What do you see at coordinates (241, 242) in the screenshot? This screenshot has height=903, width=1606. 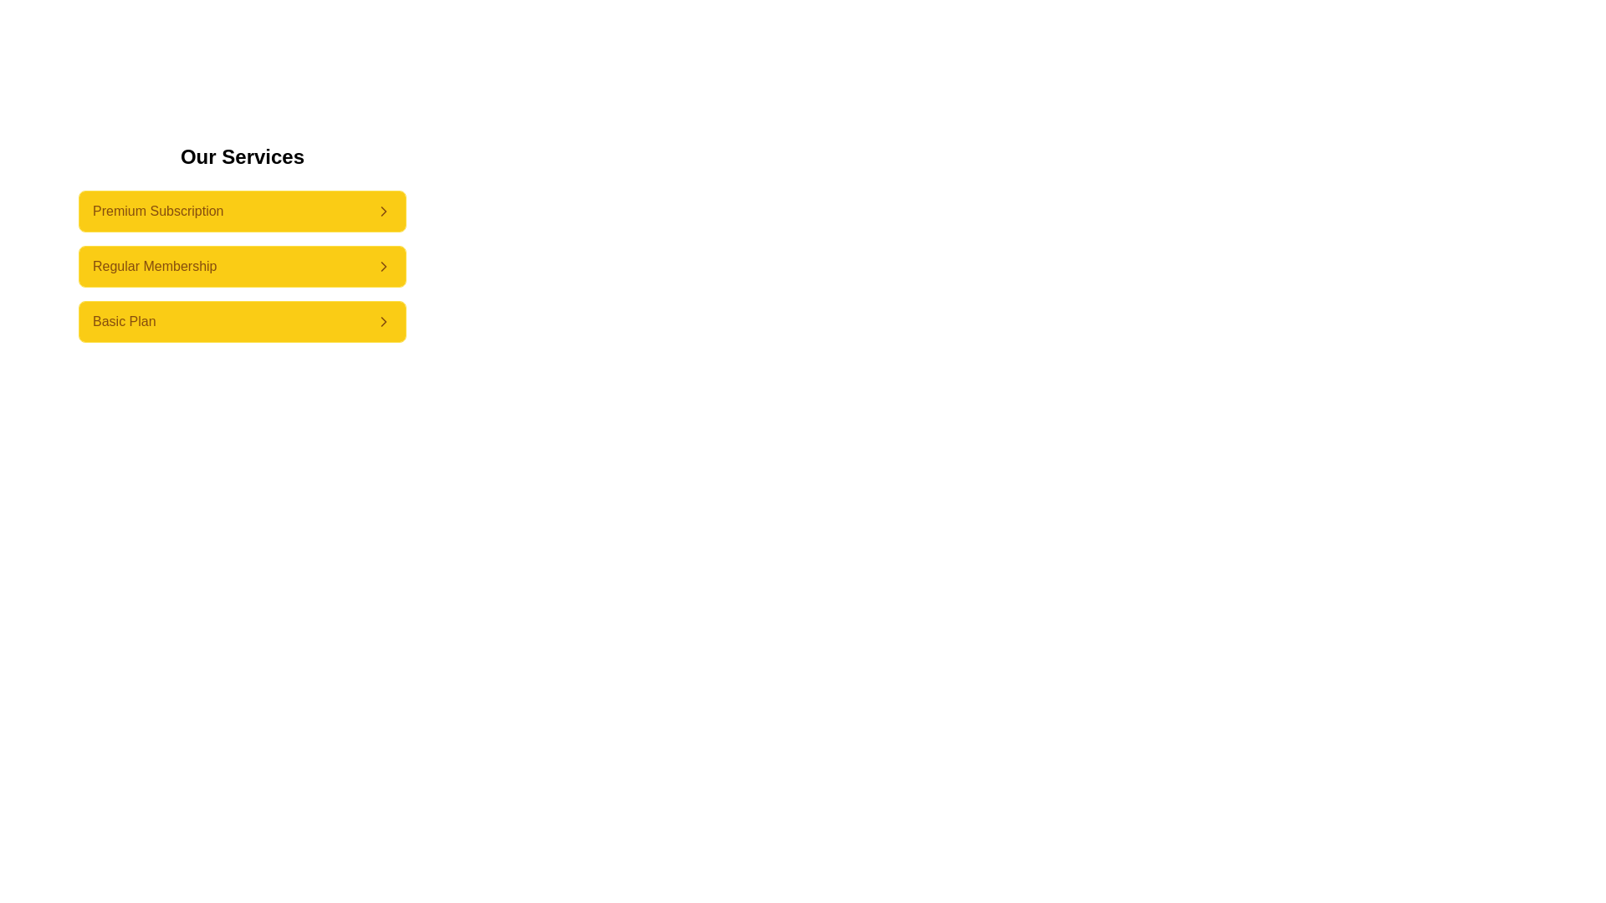 I see `the 'Regular Membership' button located in the 'Our Services' section` at bounding box center [241, 242].